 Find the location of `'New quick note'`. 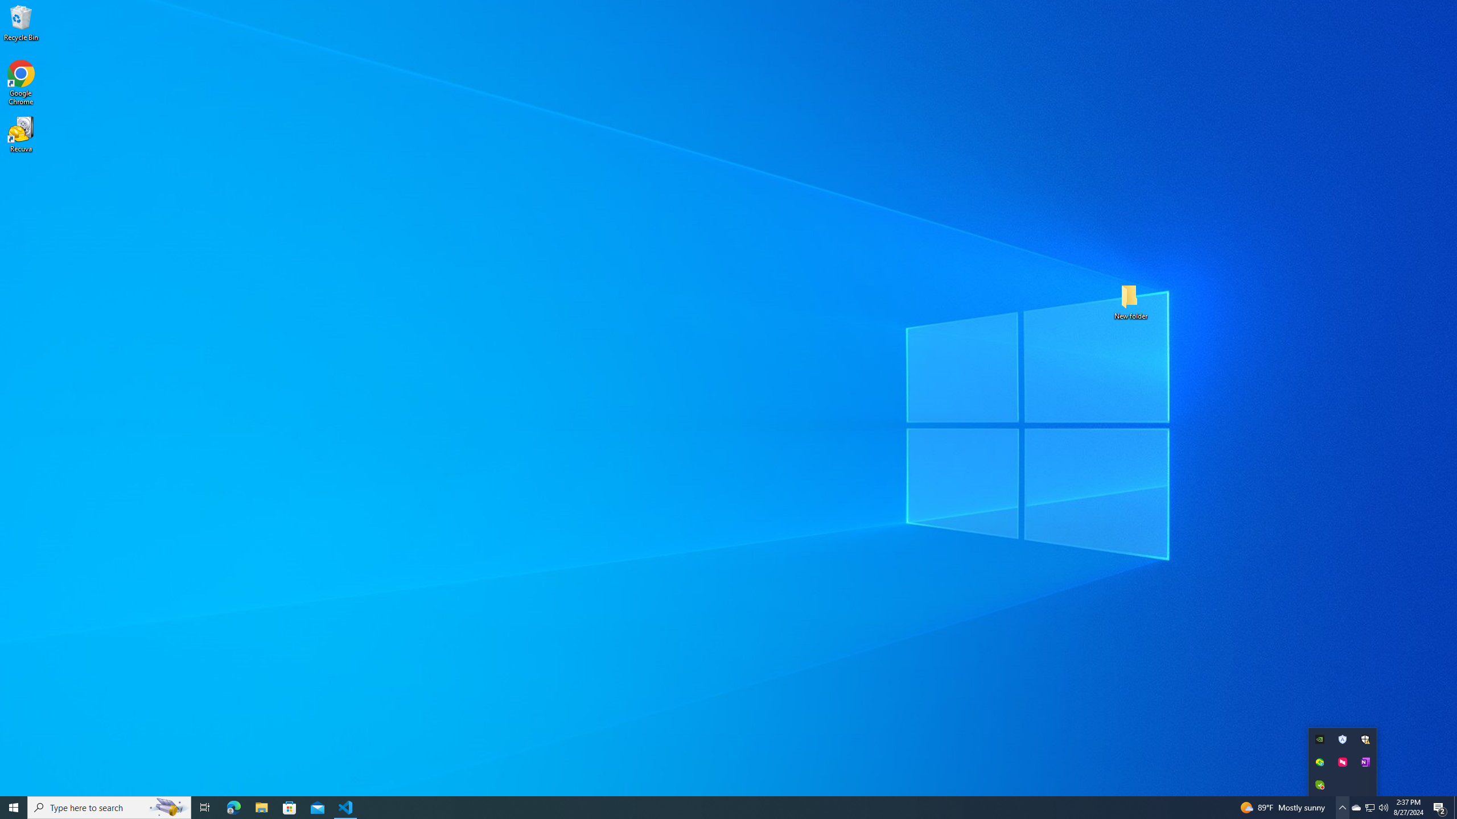

'New quick note' is located at coordinates (1364, 761).